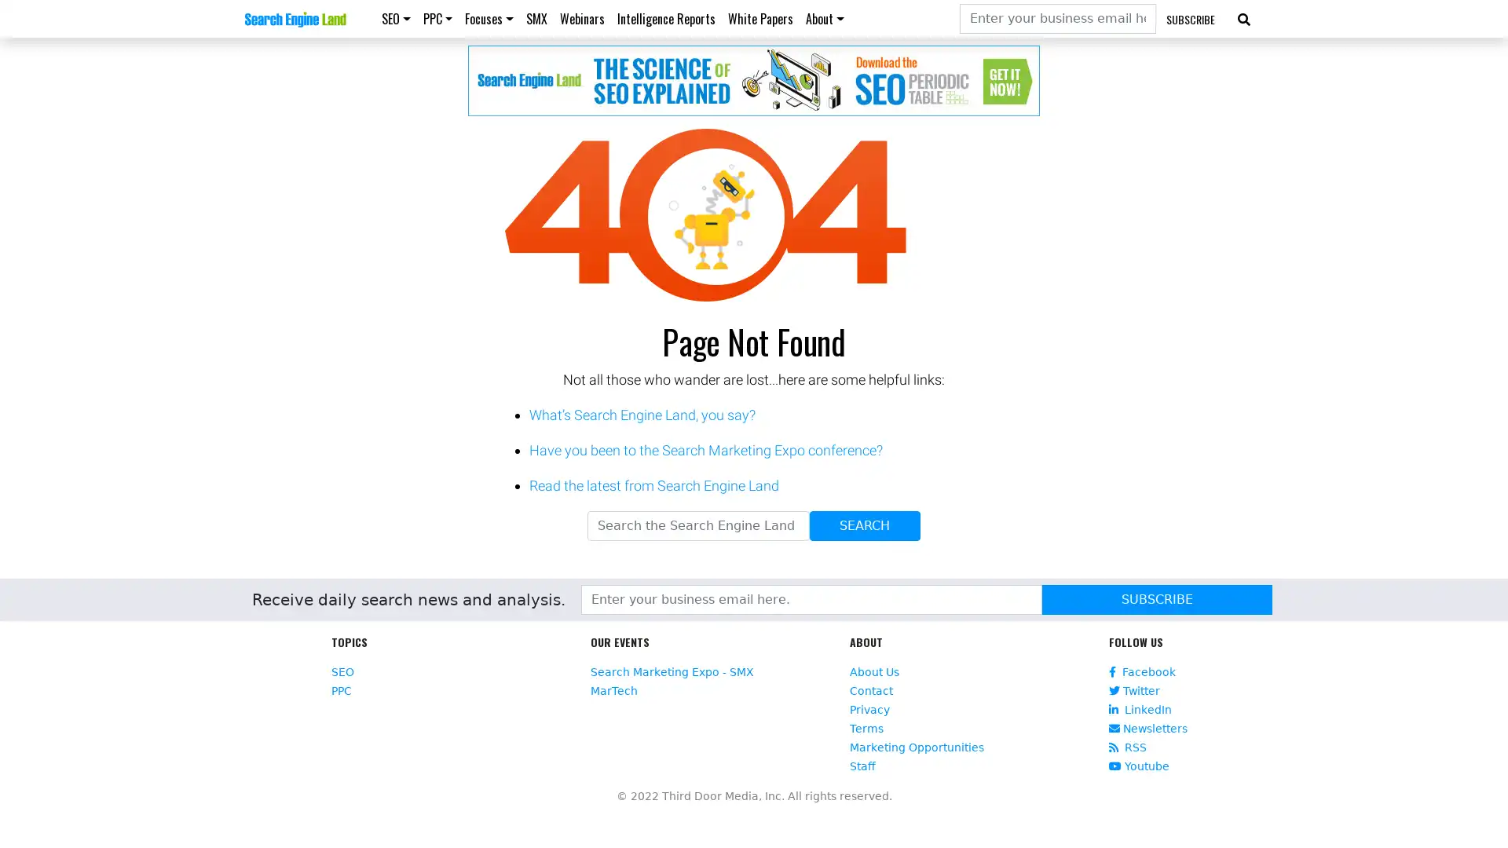 The image size is (1508, 848). What do you see at coordinates (1156, 599) in the screenshot?
I see `SUBSCRIBE` at bounding box center [1156, 599].